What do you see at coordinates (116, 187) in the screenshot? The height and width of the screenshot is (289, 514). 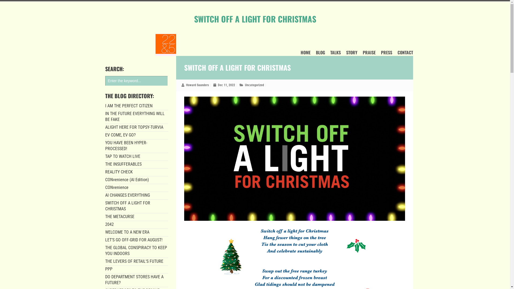 I see `'CONvenience'` at bounding box center [116, 187].